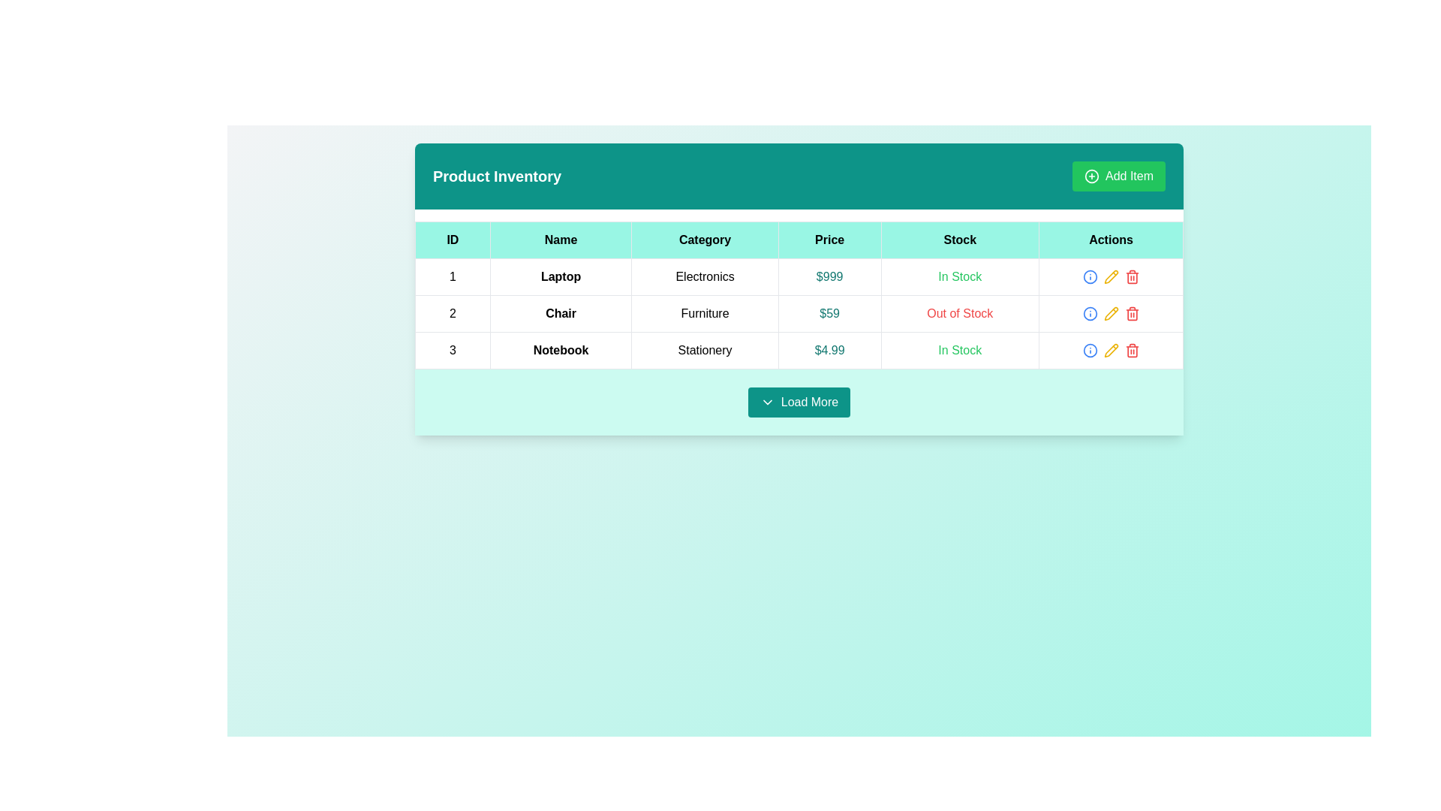 The image size is (1441, 811). Describe the element at coordinates (1111, 350) in the screenshot. I see `the edit icon in the 'Actions' column of the table for the 'Notebook' item to observe styling changes` at that location.